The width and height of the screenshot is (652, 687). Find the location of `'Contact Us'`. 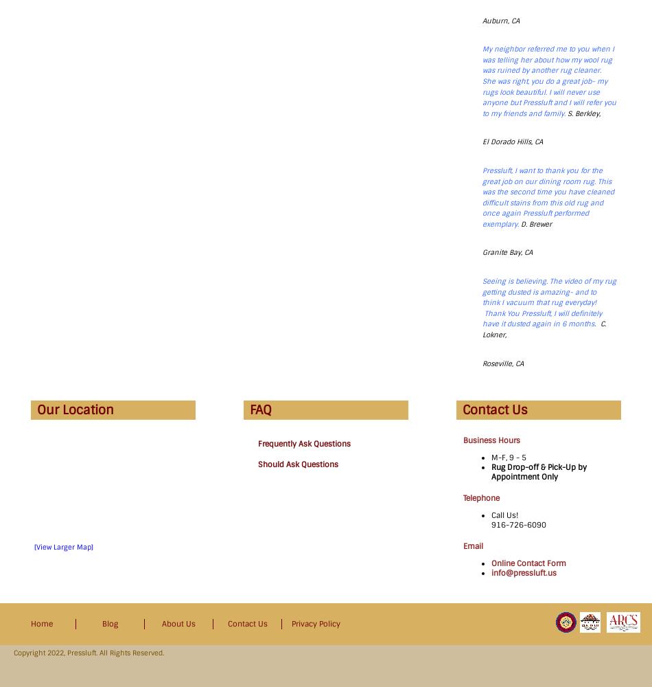

'Contact Us' is located at coordinates (494, 409).